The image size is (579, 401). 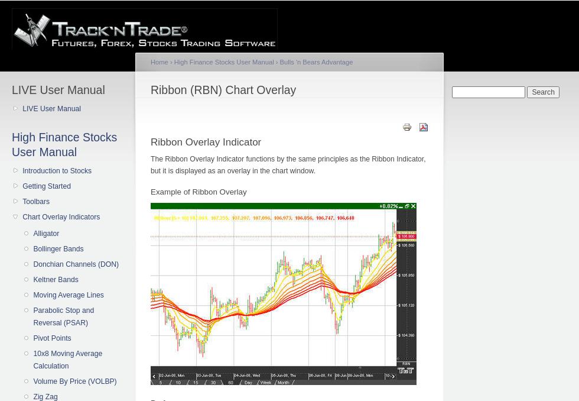 I want to click on 'Ribbon (RBN) Chart Overlay', so click(x=150, y=89).